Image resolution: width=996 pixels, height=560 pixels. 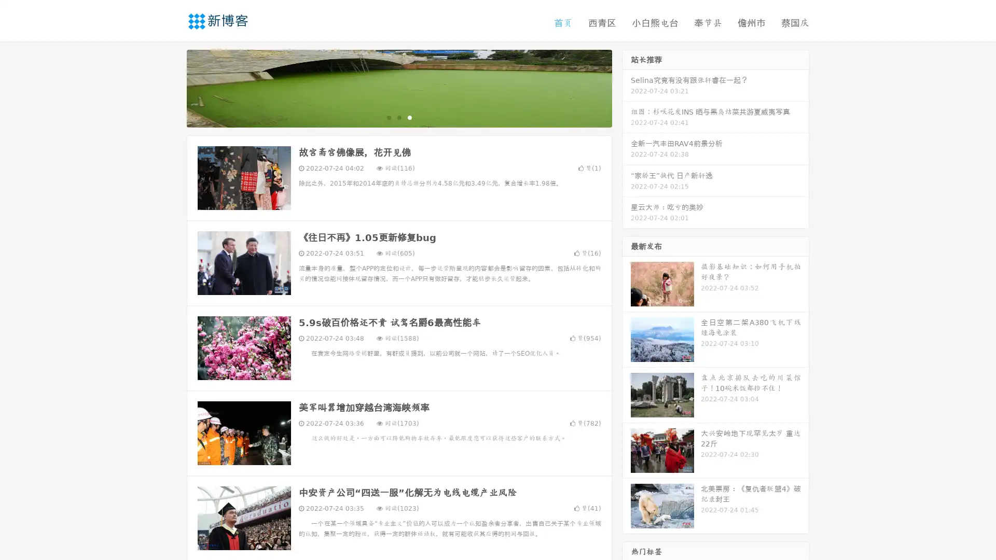 What do you see at coordinates (409, 117) in the screenshot?
I see `Go to slide 3` at bounding box center [409, 117].